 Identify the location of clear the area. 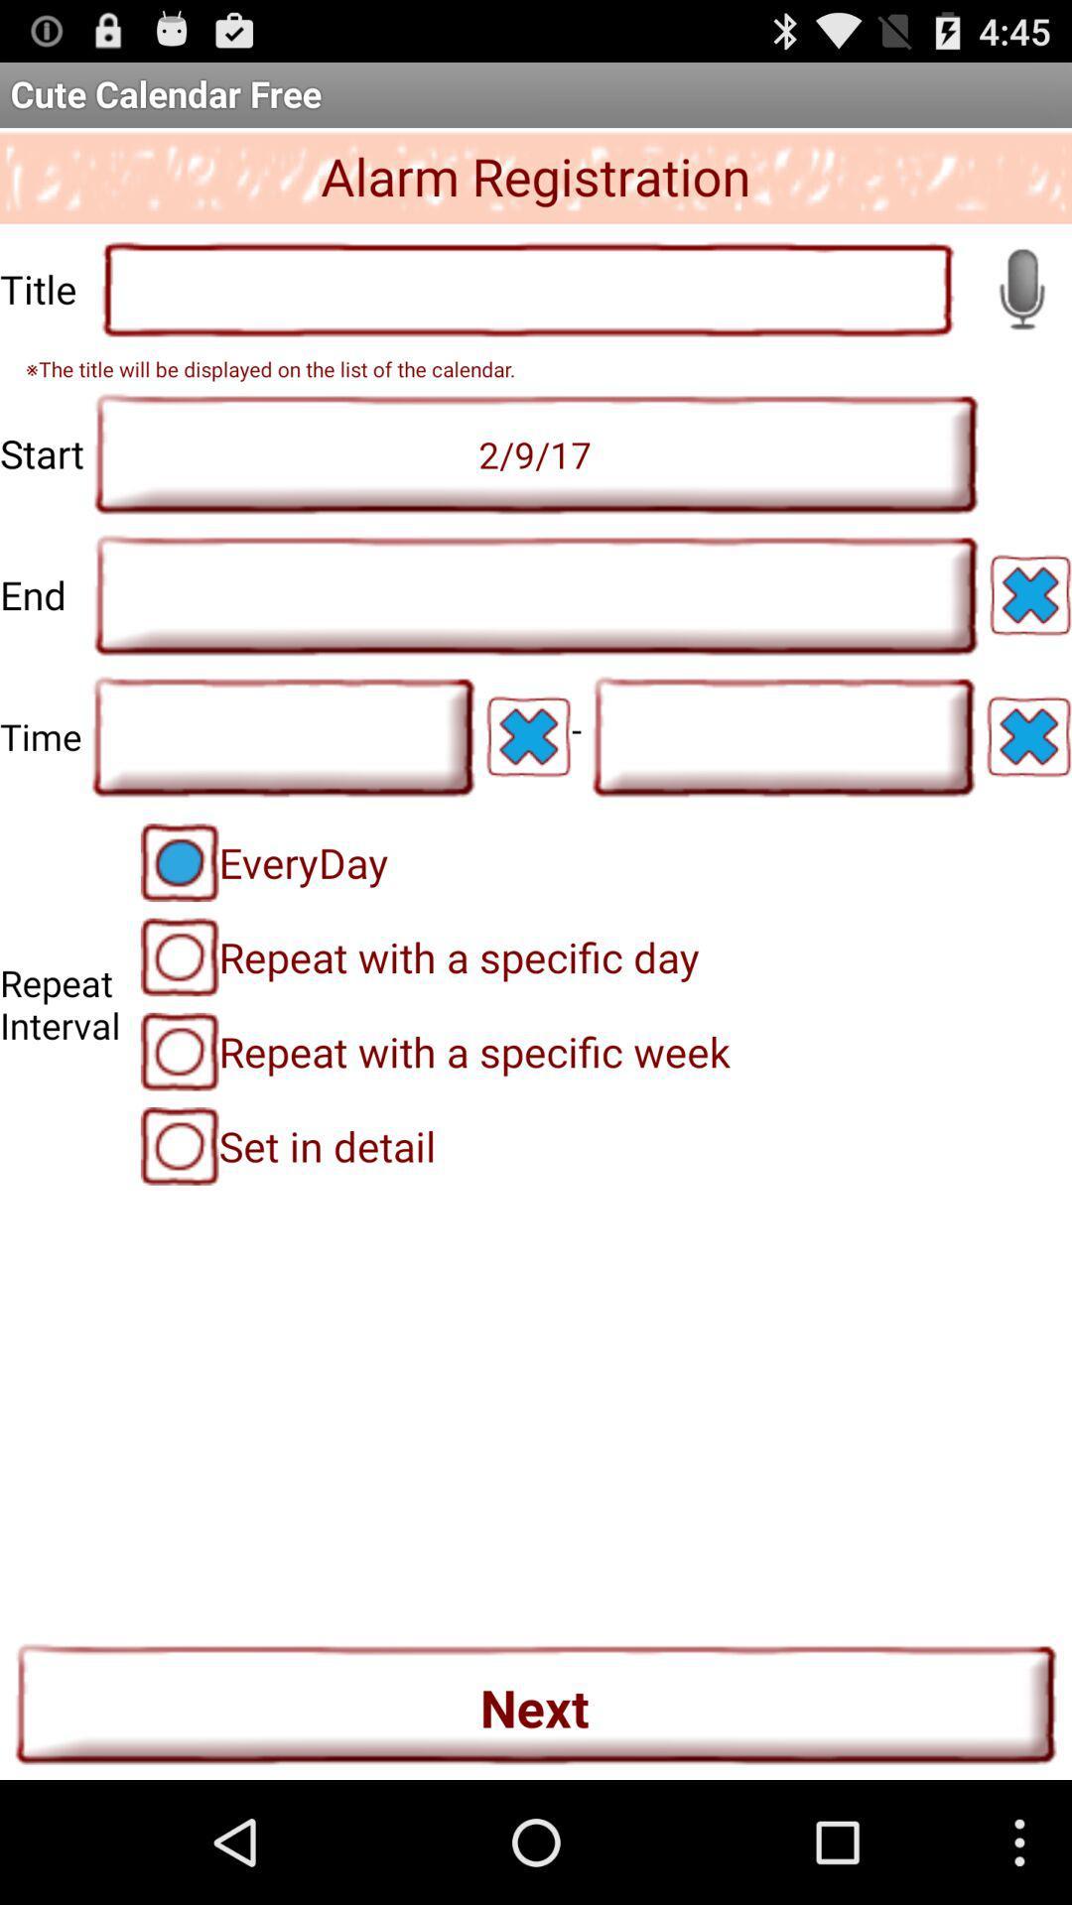
(1028, 594).